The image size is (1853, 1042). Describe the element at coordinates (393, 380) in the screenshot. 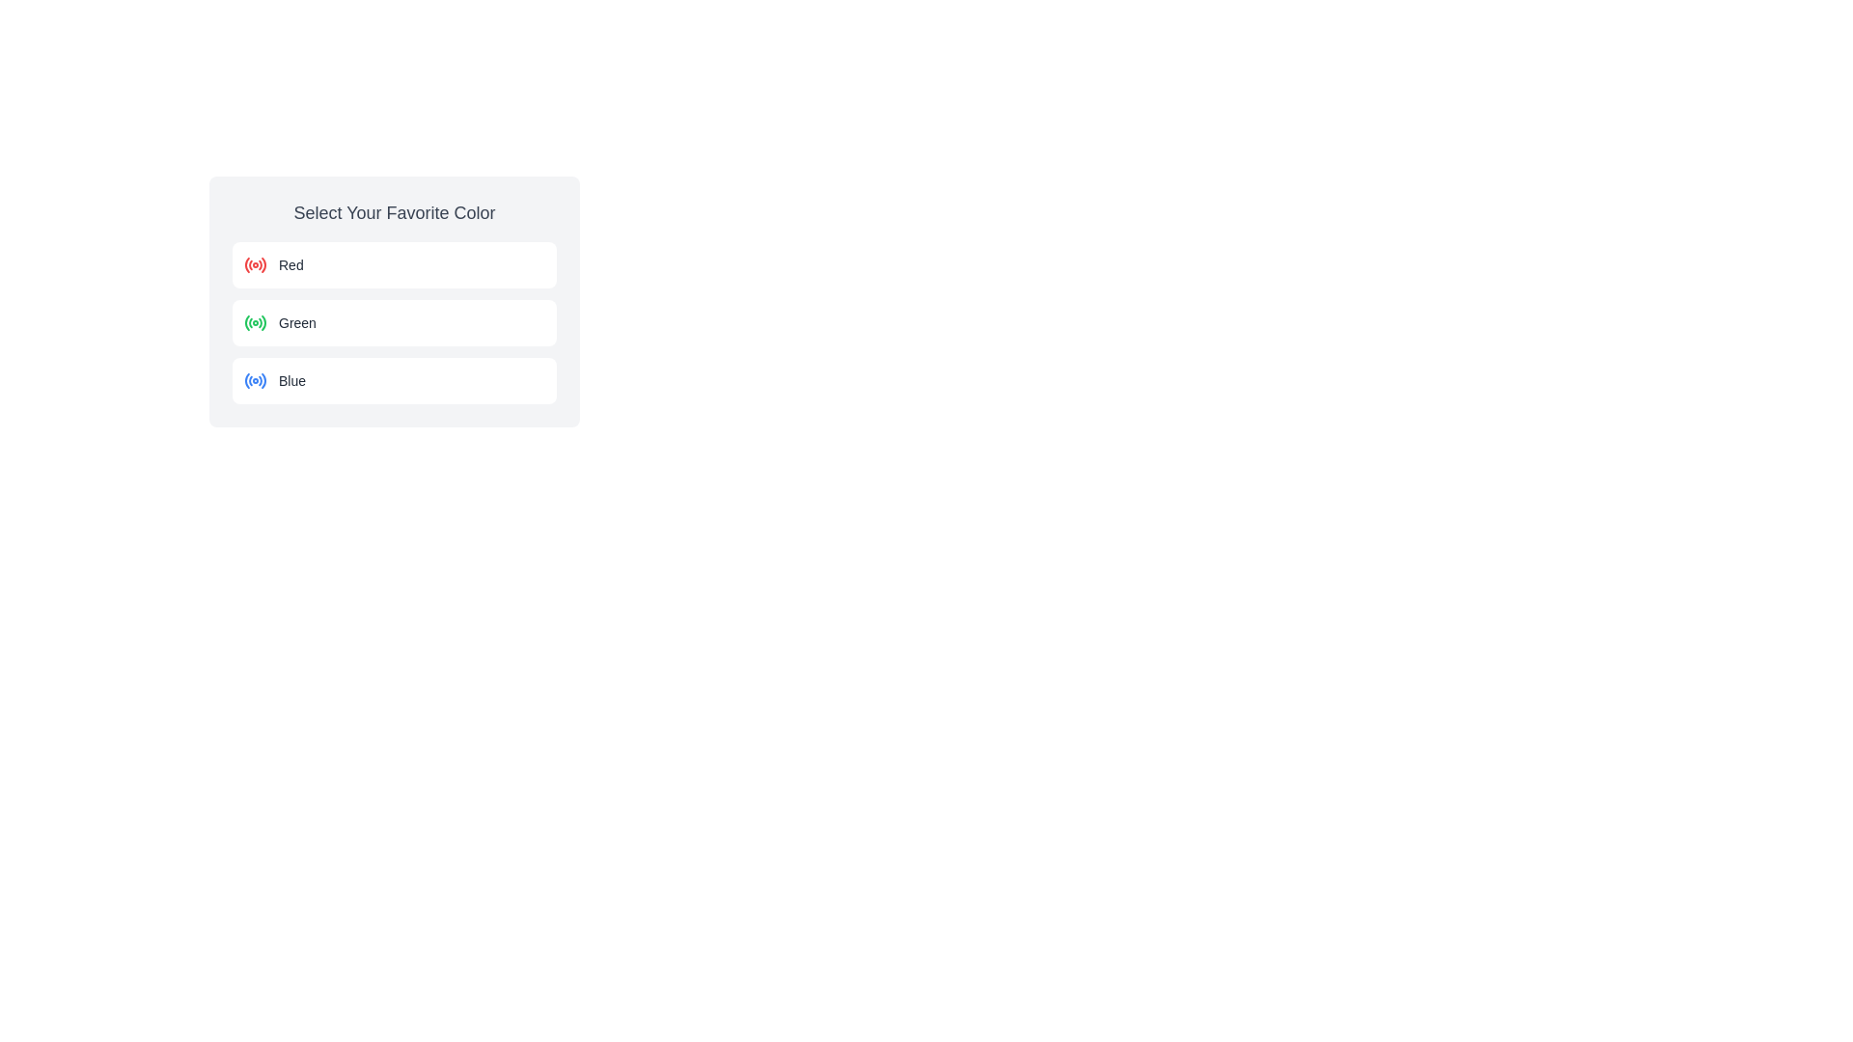

I see `the selectable option labeled 'Blue', which is the third radio option in the list of choices` at that location.